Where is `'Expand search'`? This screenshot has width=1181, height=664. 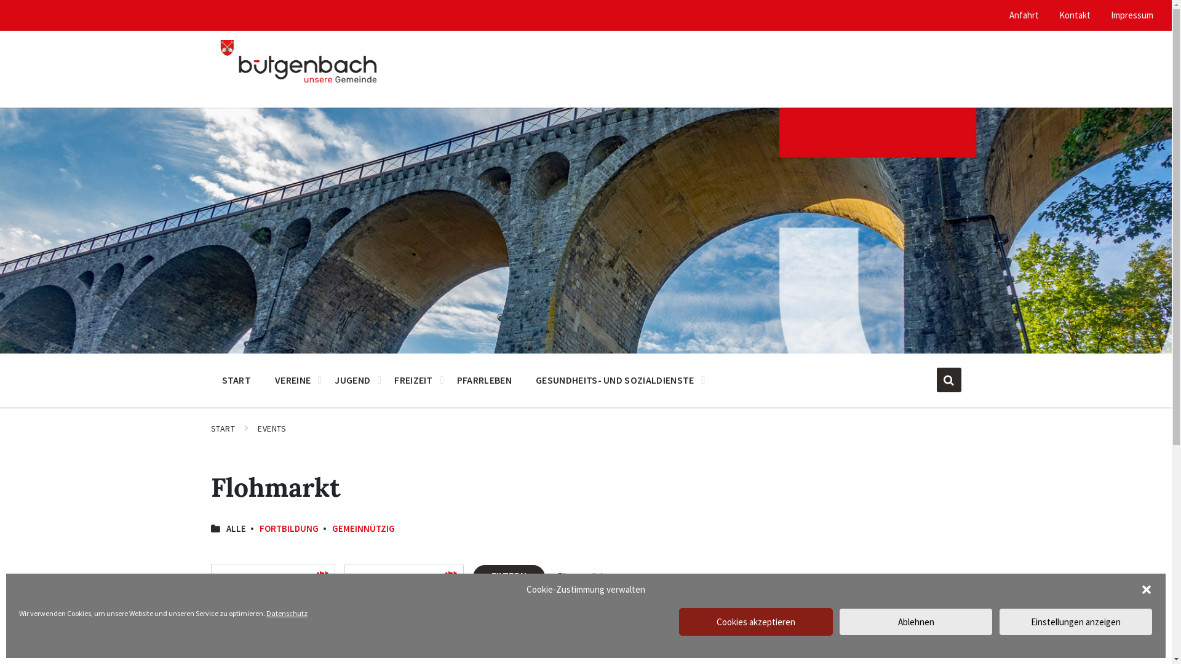 'Expand search' is located at coordinates (947, 379).